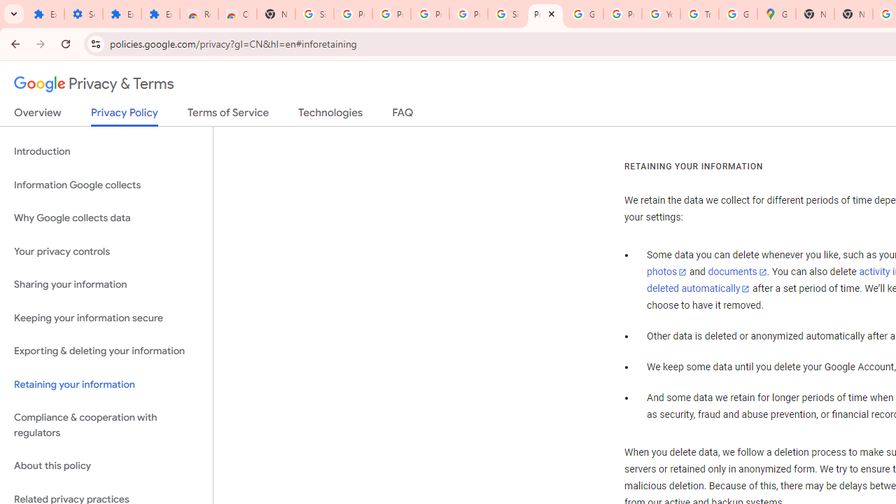 The height and width of the screenshot is (504, 896). Describe the element at coordinates (507, 14) in the screenshot. I see `'Sign in - Google Accounts'` at that location.